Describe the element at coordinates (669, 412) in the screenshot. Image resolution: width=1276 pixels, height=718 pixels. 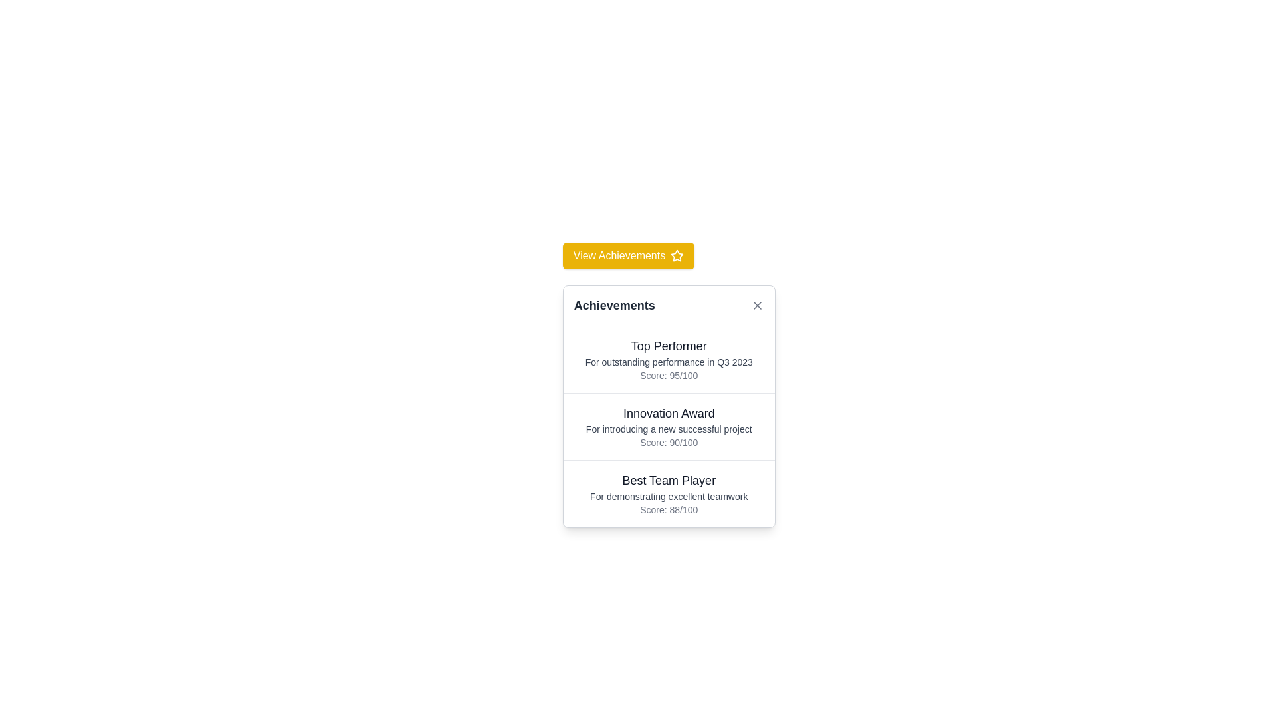
I see `the Text Label that identifies the specific award in the 'Achievements' pop-up interface, located in the second section of a vertically stacked list` at that location.